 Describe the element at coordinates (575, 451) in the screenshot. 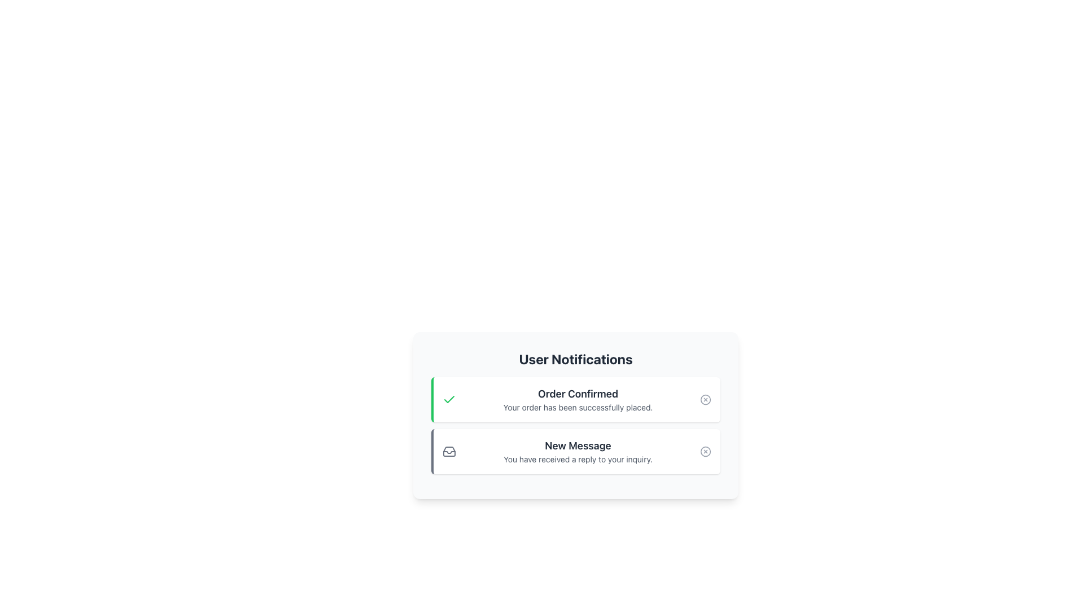

I see `text from the second notification card titled 'New Message' within the 'User Notifications' section, which contains the message 'You have received a reply to your inquiry.'` at that location.